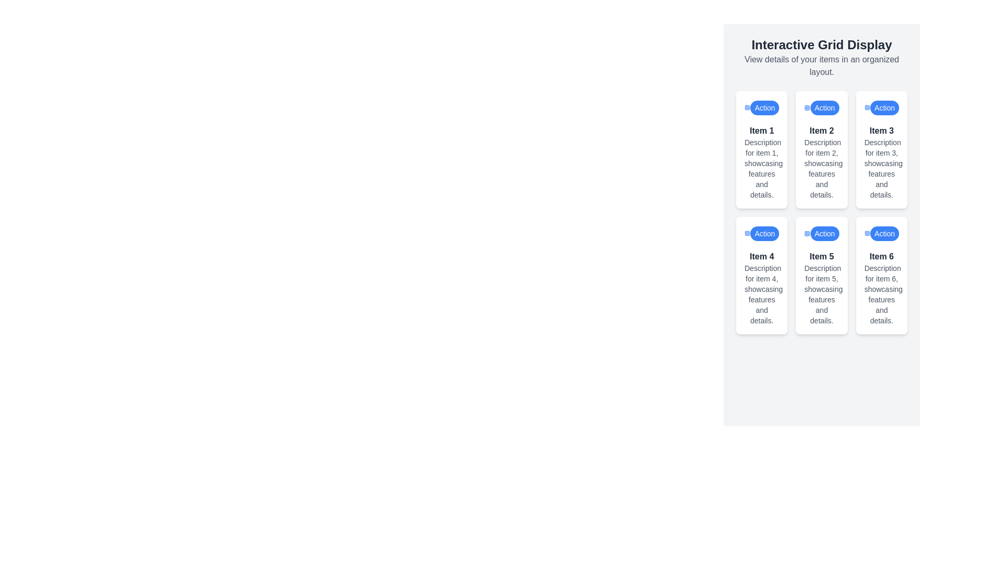  I want to click on the last 'Action' button in the grid layout associated with 'Item 6' to observe the hover effect, so click(884, 233).